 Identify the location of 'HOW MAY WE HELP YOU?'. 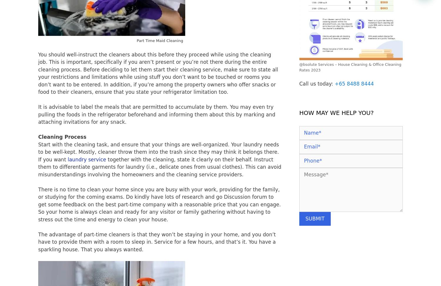
(336, 112).